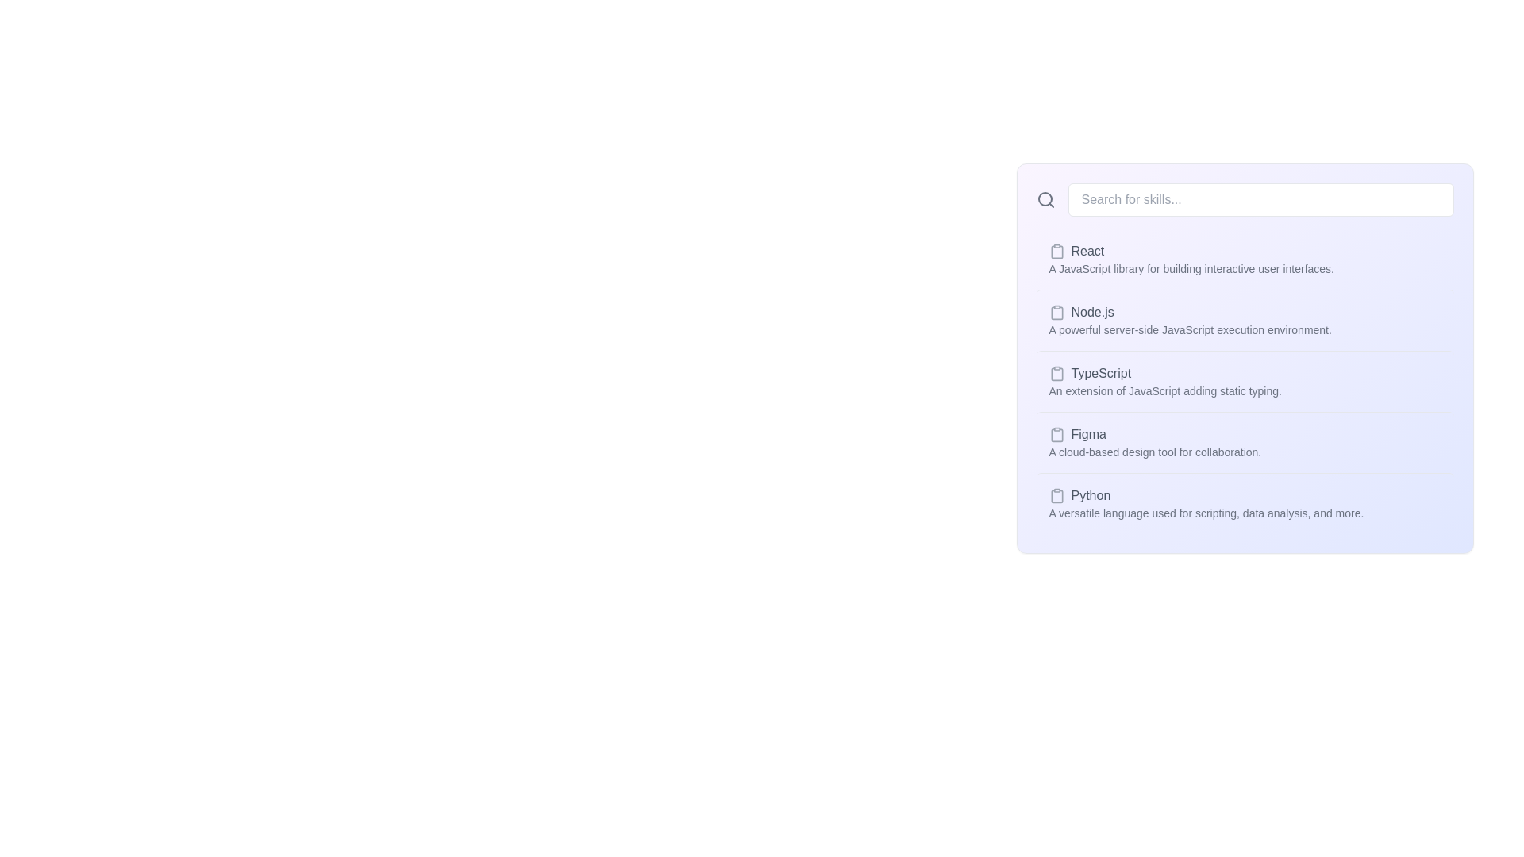  What do you see at coordinates (1056, 312) in the screenshot?
I see `the icon representing 'Node.js', which is positioned to the left of the text in the vertical list of skills` at bounding box center [1056, 312].